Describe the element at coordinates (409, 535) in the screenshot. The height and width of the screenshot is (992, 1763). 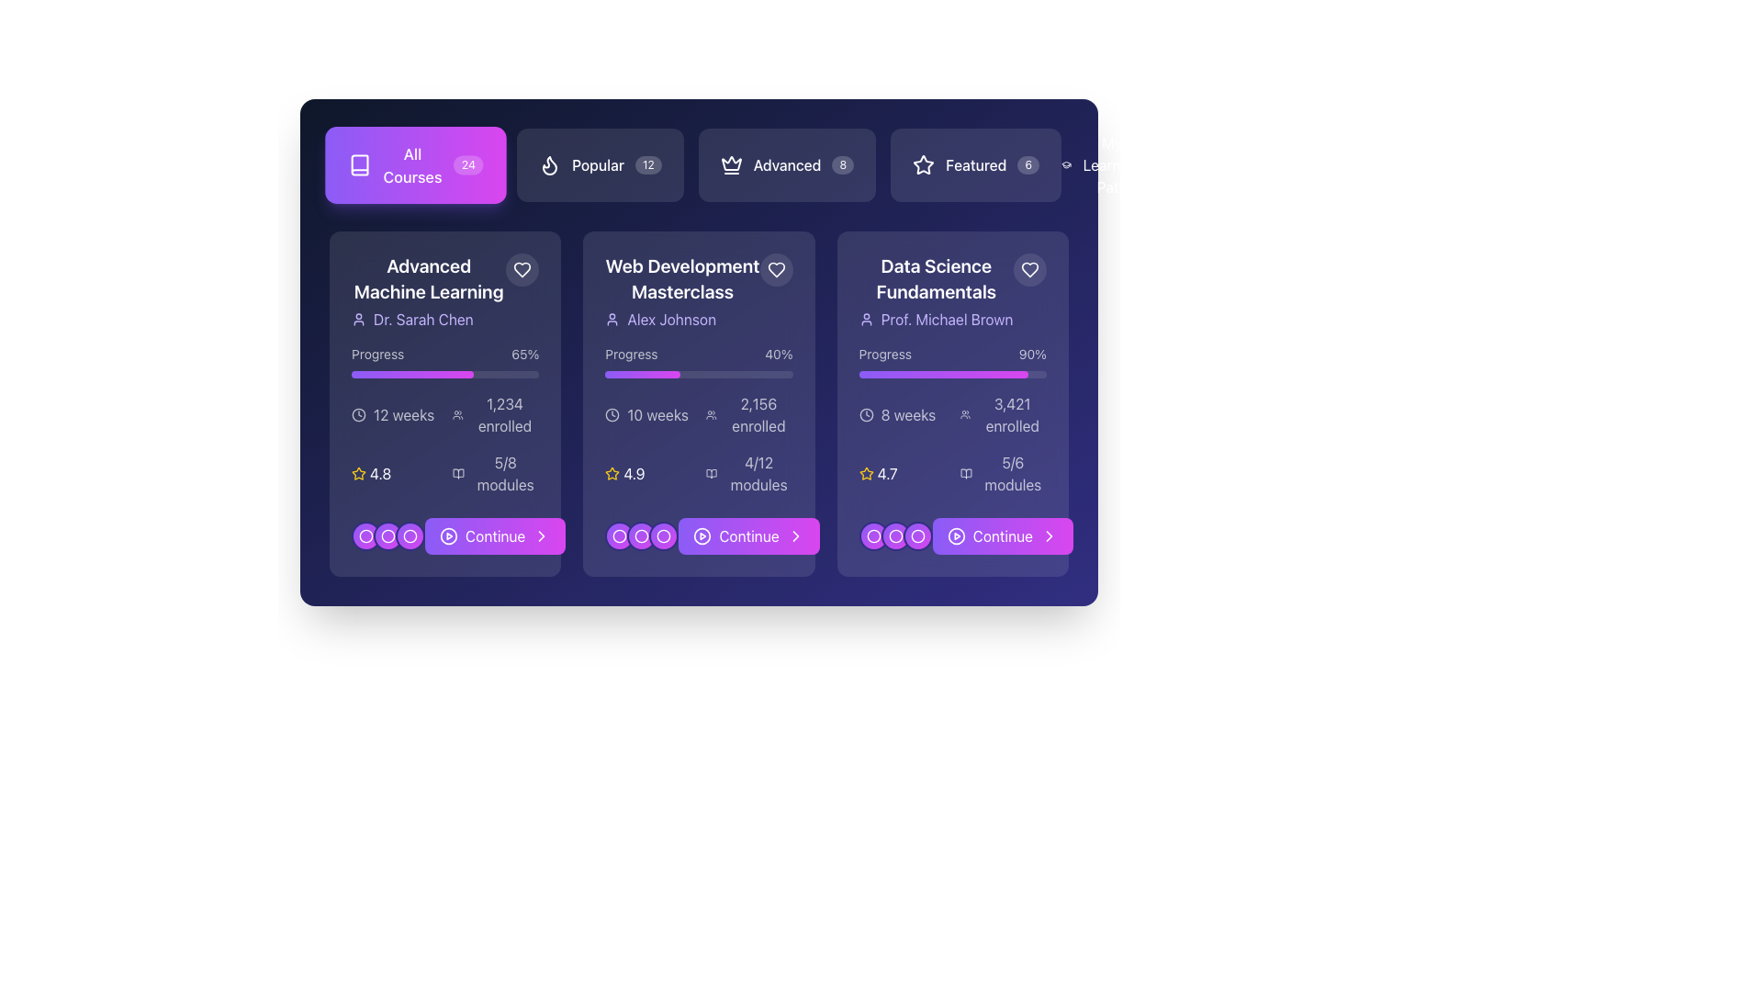
I see `the first circular button with a white icon and gradient-colored border located at the bottom left of the 'Advanced Machine Learning' course card` at that location.